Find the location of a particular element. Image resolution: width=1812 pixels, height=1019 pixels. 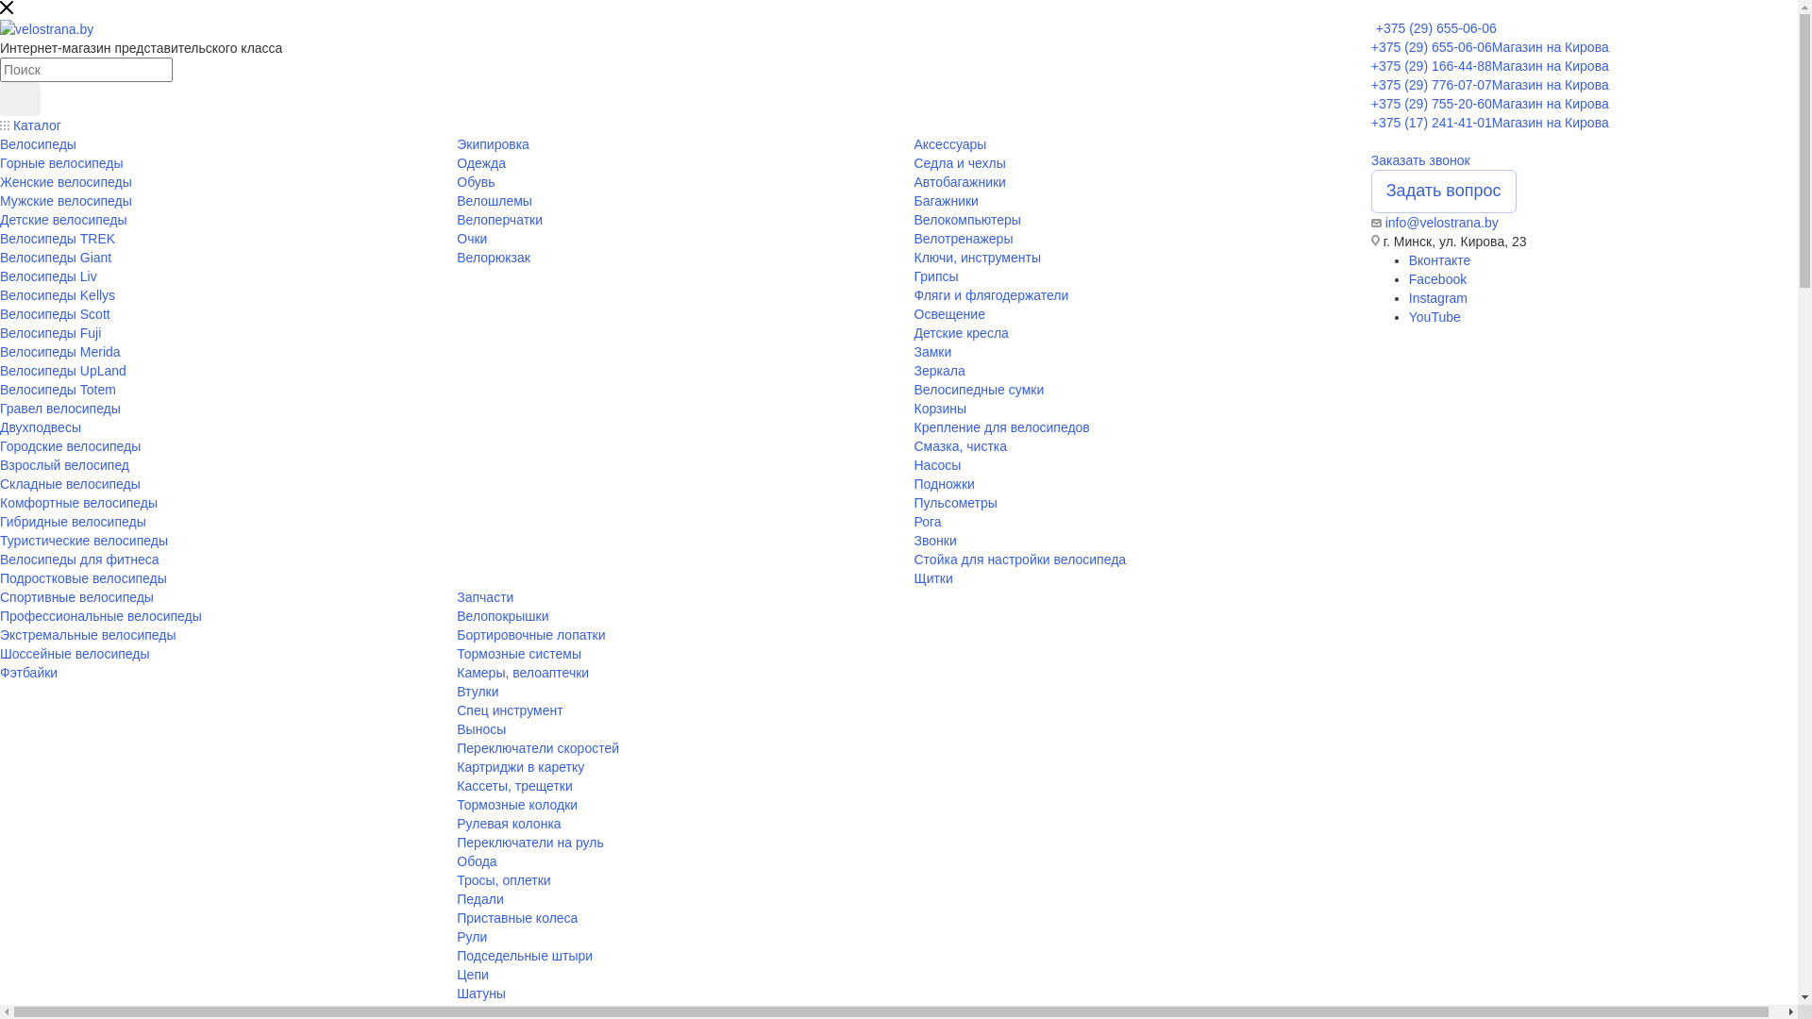

'Instagram' is located at coordinates (1436, 297).